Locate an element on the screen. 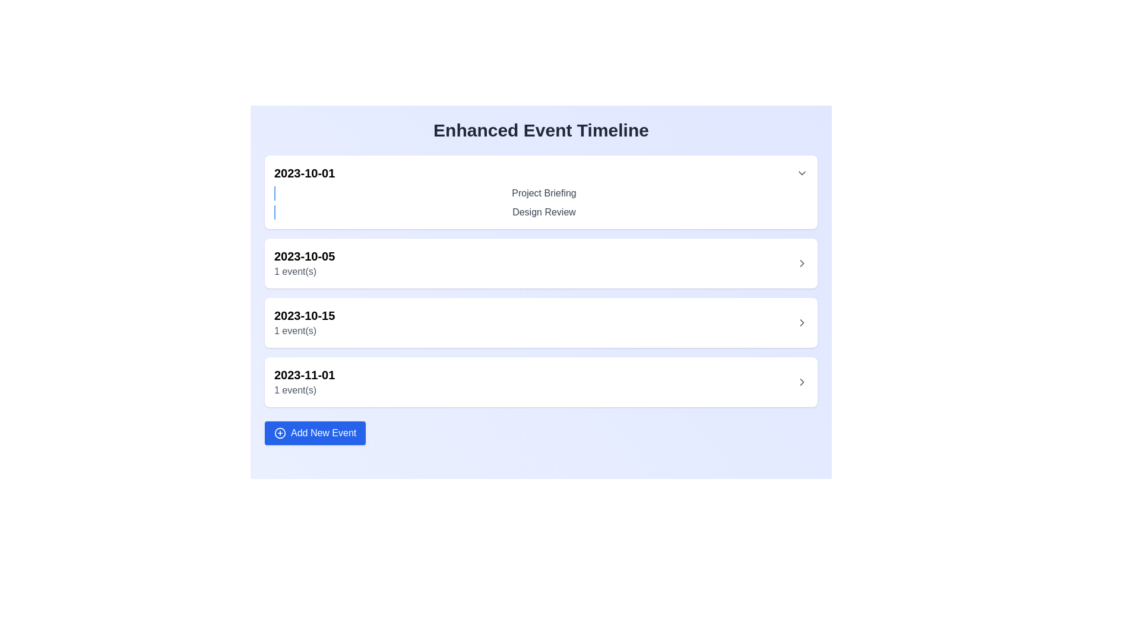  the Text Label that indicates the number of events scheduled for the date '2023-11-01' is located at coordinates (305, 391).